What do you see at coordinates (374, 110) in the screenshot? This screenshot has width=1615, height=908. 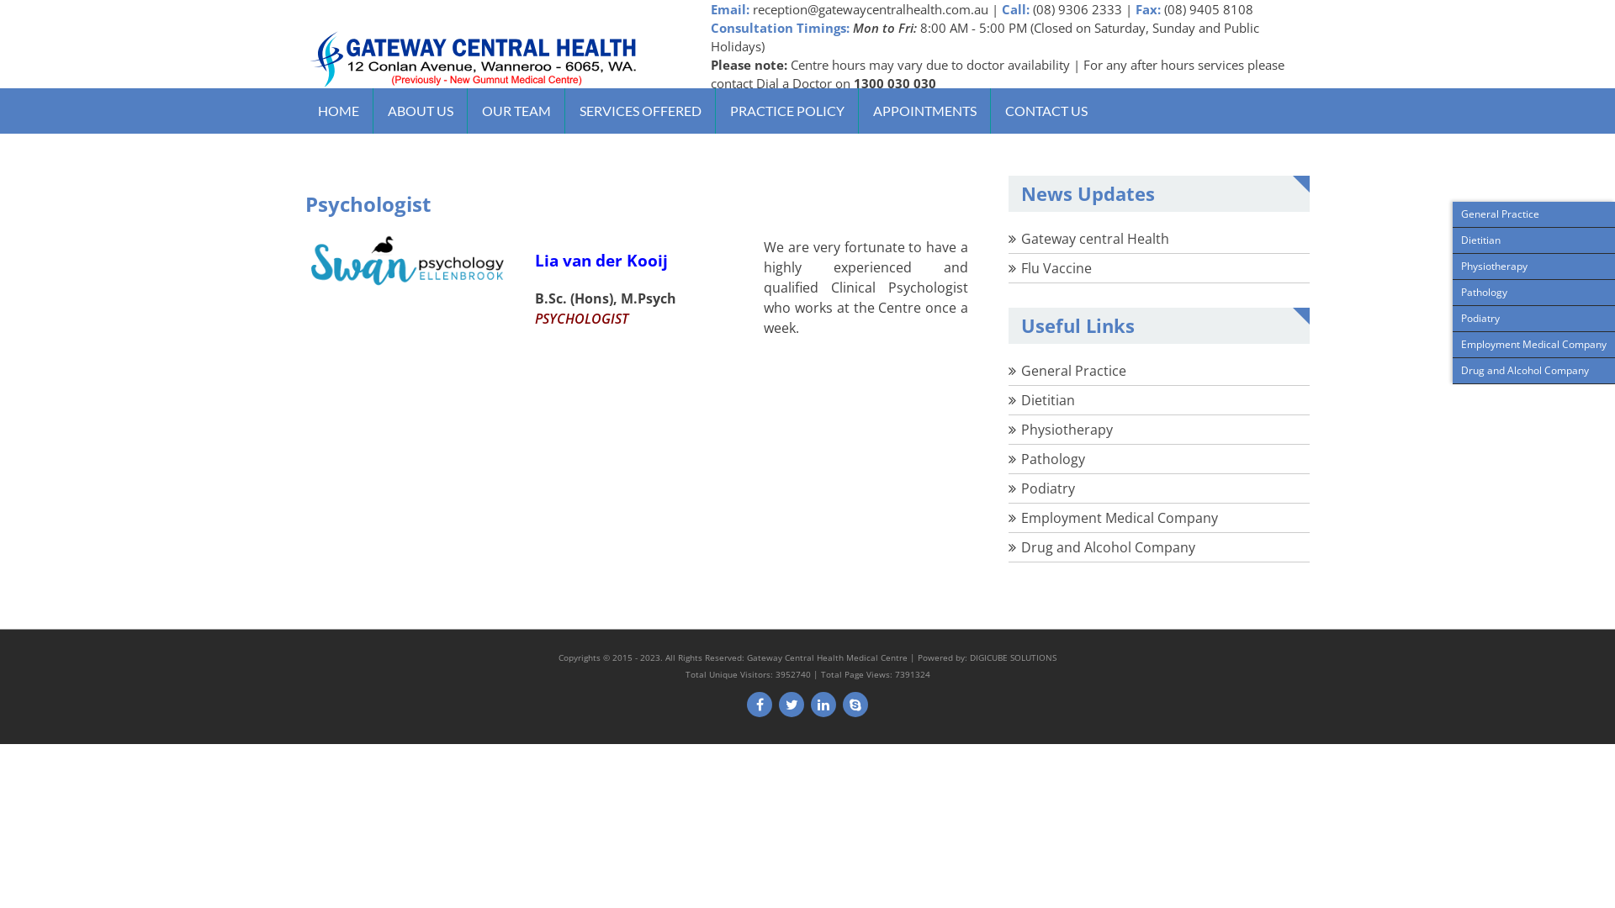 I see `'ABOUT US'` at bounding box center [374, 110].